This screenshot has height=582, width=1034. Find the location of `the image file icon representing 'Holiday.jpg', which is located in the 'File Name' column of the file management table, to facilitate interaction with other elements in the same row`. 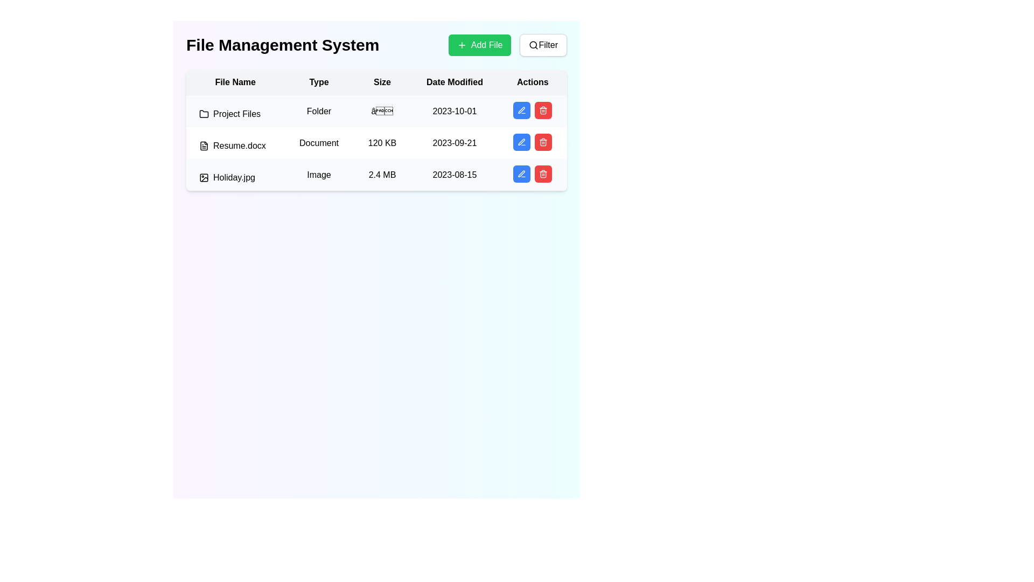

the image file icon representing 'Holiday.jpg', which is located in the 'File Name' column of the file management table, to facilitate interaction with other elements in the same row is located at coordinates (204, 177).